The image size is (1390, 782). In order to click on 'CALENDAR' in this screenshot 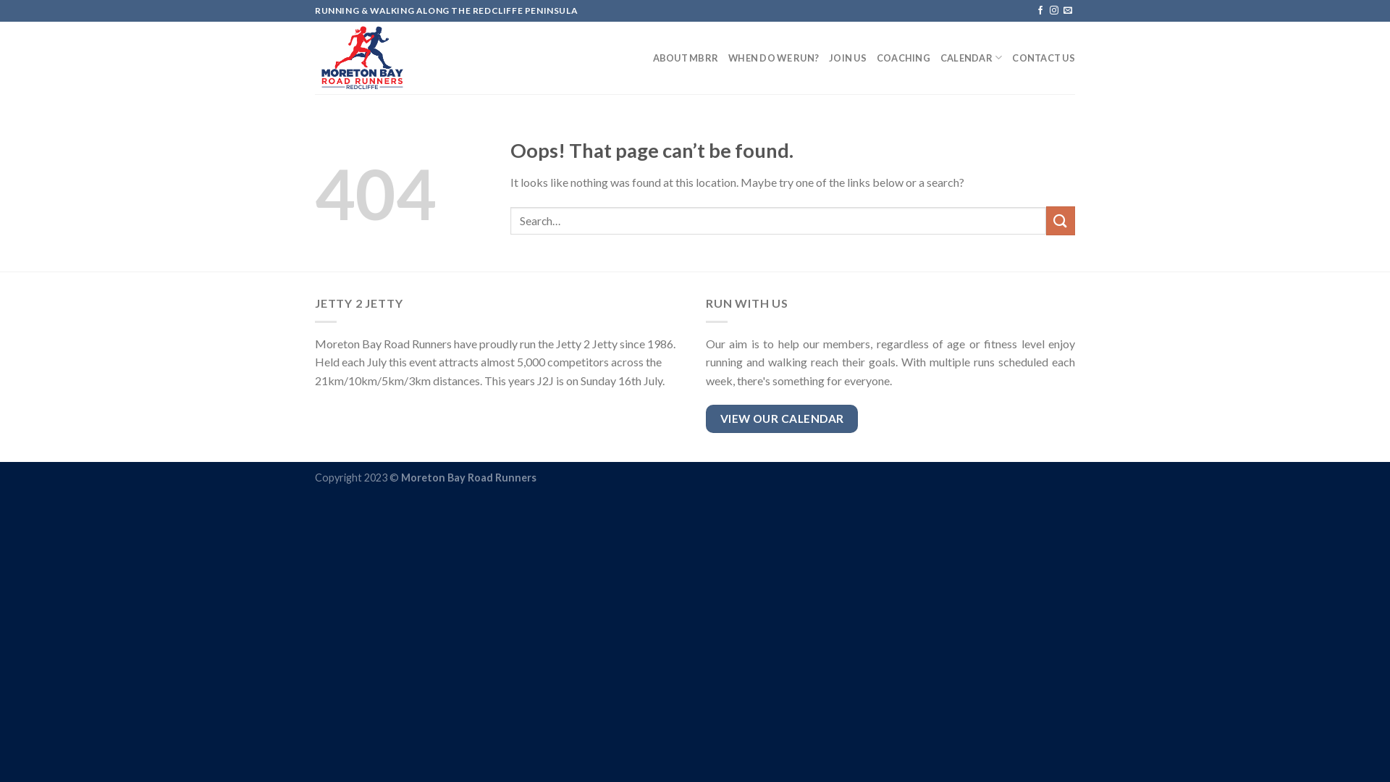, I will do `click(940, 57)`.